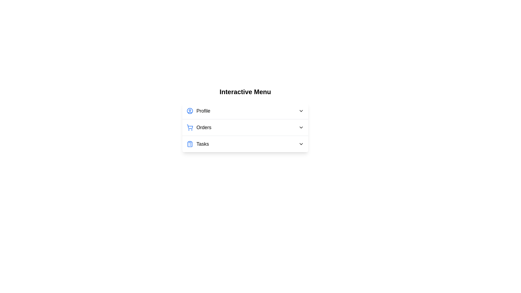 Image resolution: width=521 pixels, height=293 pixels. Describe the element at coordinates (245, 110) in the screenshot. I see `the 'Profile' button-like menu option` at that location.